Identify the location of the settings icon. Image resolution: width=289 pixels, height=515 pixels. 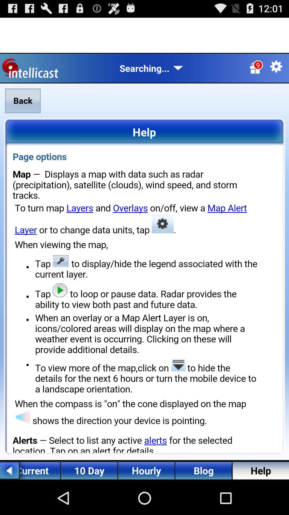
(276, 71).